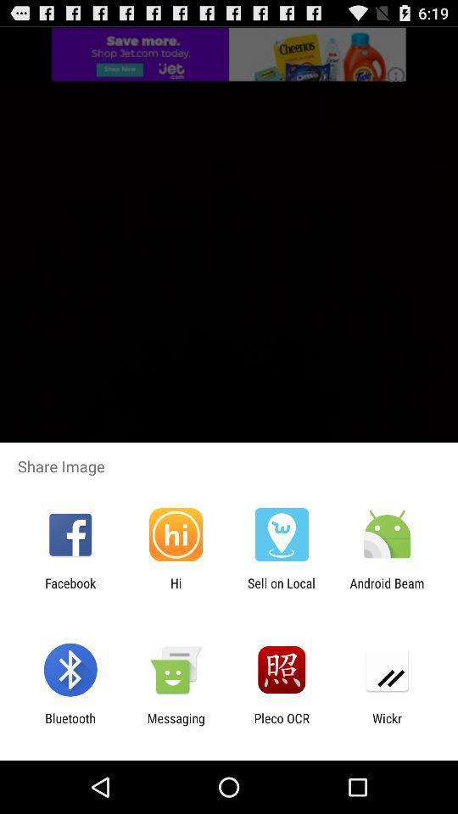 The image size is (458, 814). What do you see at coordinates (175, 725) in the screenshot?
I see `the icon next to the pleco ocr` at bounding box center [175, 725].